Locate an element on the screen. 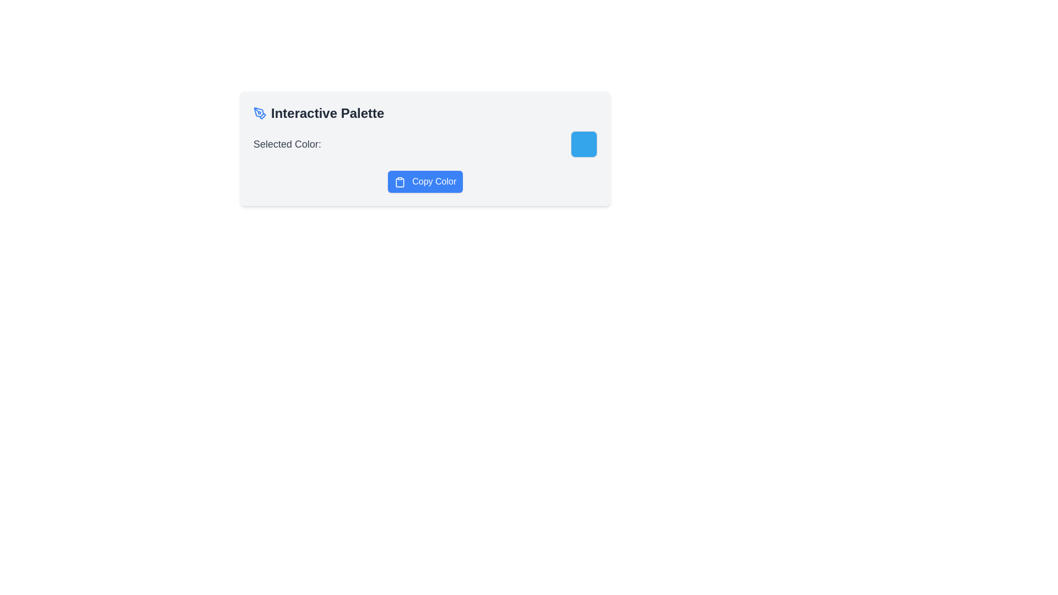  the 'Copy Color' button, which is a blue rectangle with rounded corners and contains the text 'Copy Color' in white is located at coordinates (425, 181).